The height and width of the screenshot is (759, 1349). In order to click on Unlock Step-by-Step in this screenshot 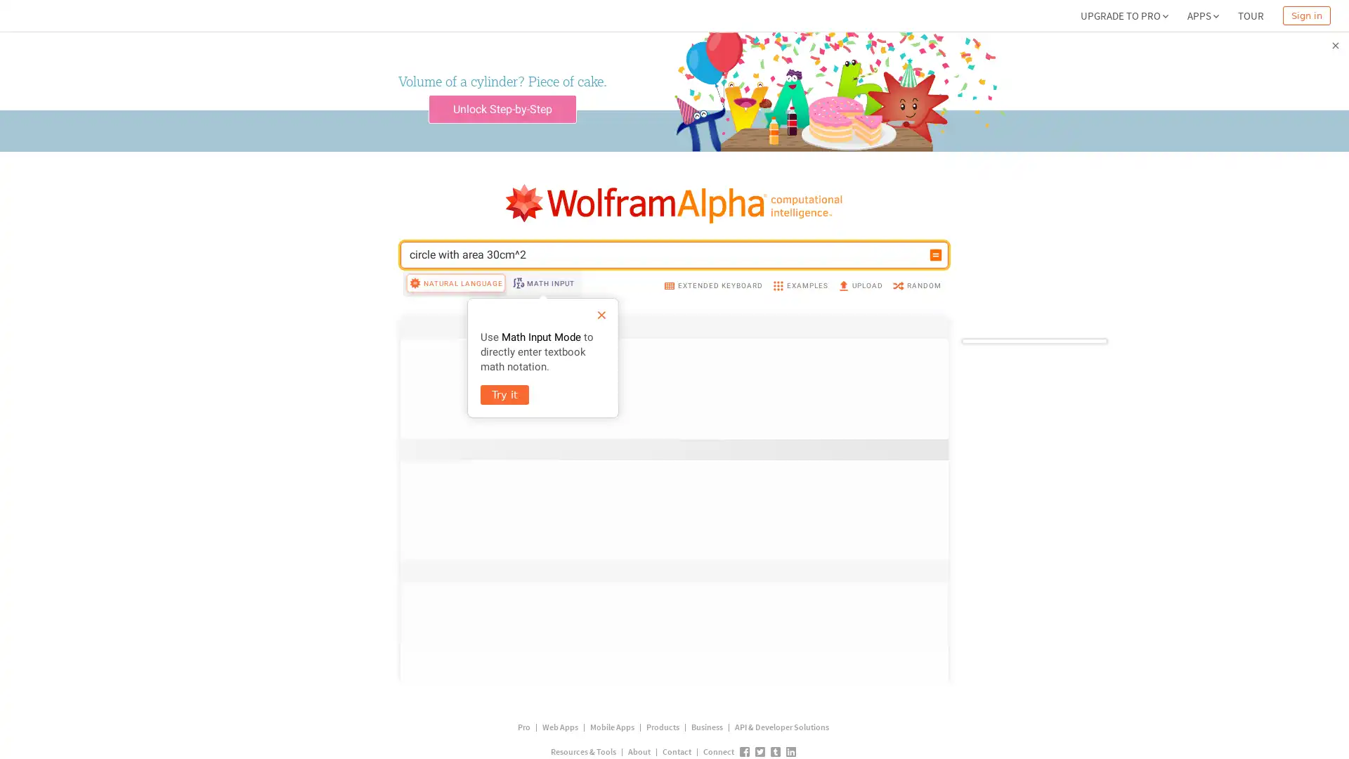, I will do `click(502, 108)`.